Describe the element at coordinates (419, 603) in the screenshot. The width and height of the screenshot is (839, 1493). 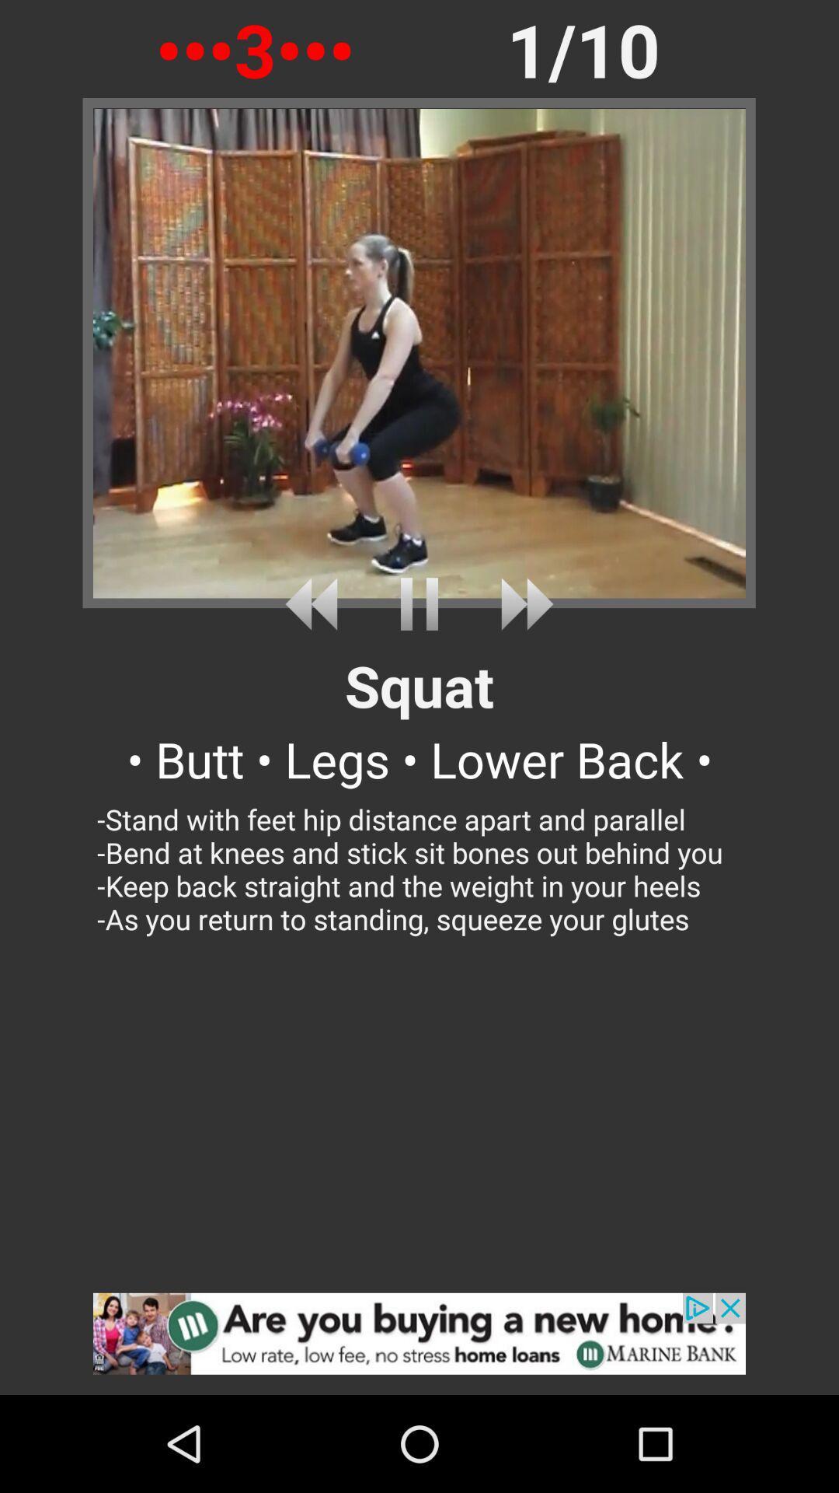
I see `pause` at that location.